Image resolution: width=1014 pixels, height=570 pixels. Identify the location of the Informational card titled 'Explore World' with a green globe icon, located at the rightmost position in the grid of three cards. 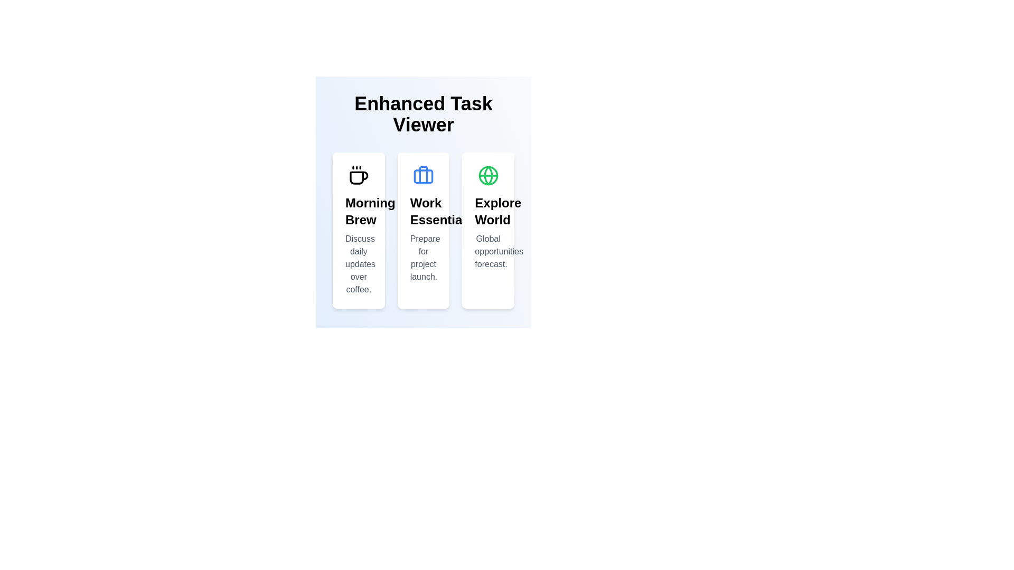
(487, 230).